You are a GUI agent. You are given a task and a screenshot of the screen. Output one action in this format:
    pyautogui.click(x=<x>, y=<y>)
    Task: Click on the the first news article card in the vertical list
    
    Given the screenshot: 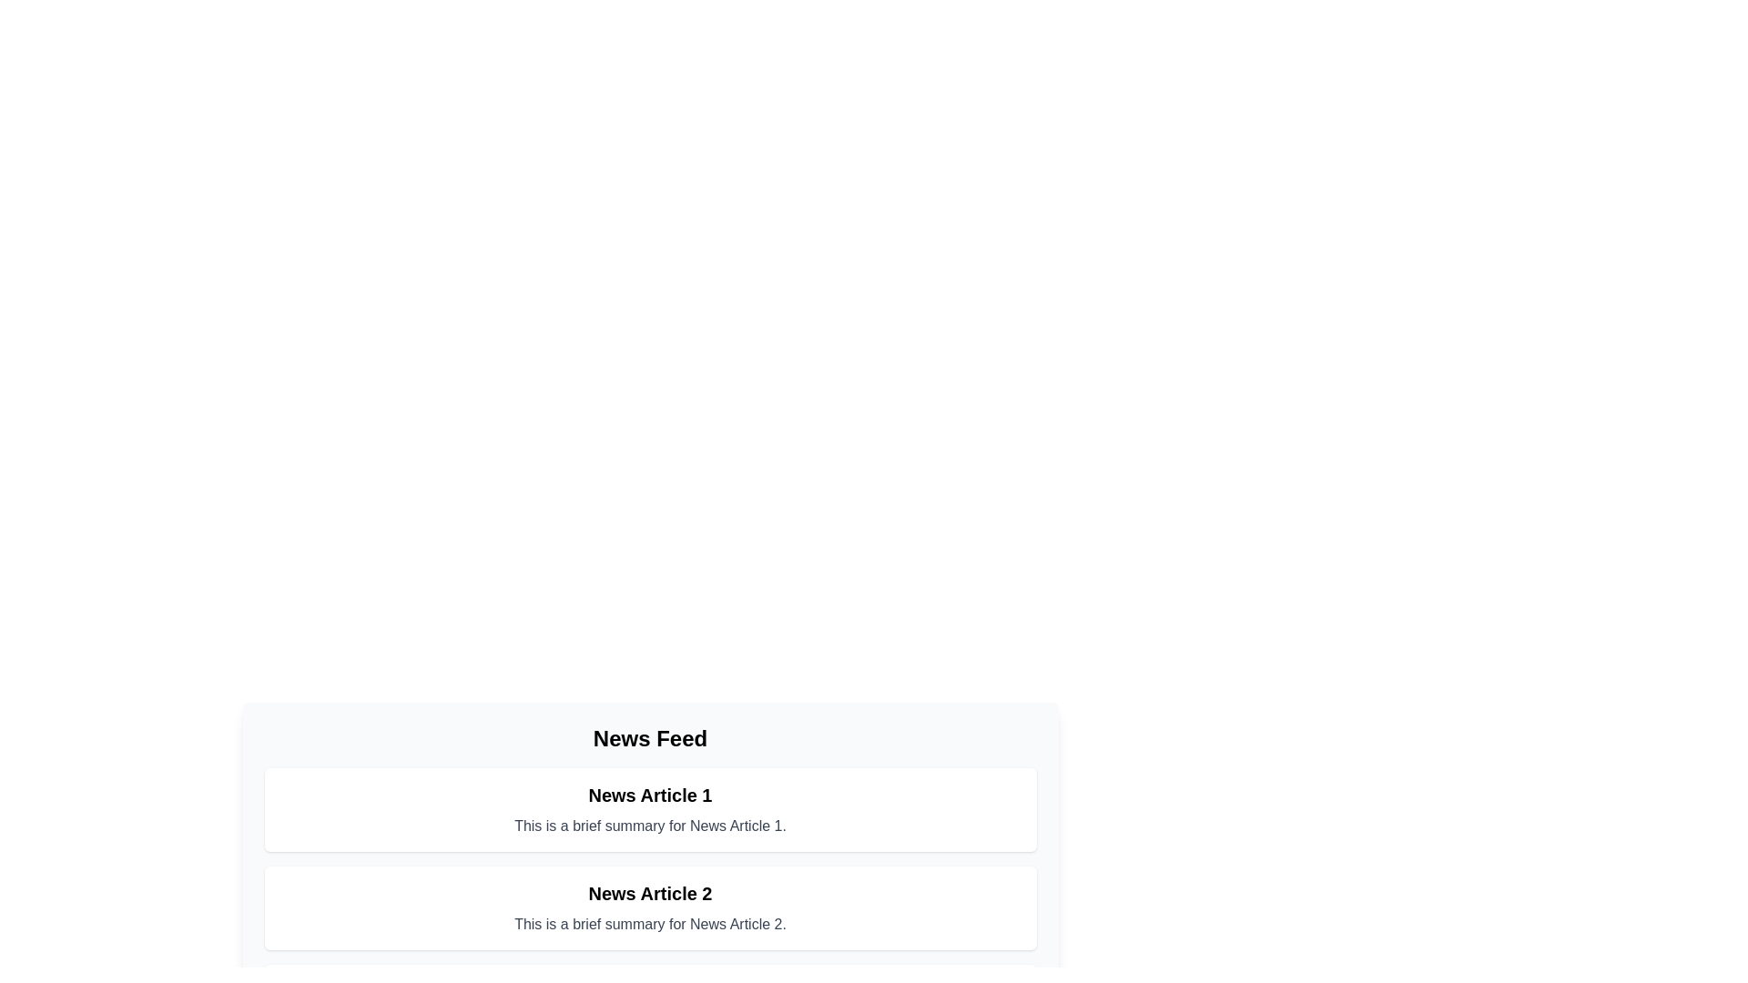 What is the action you would take?
    pyautogui.click(x=650, y=809)
    